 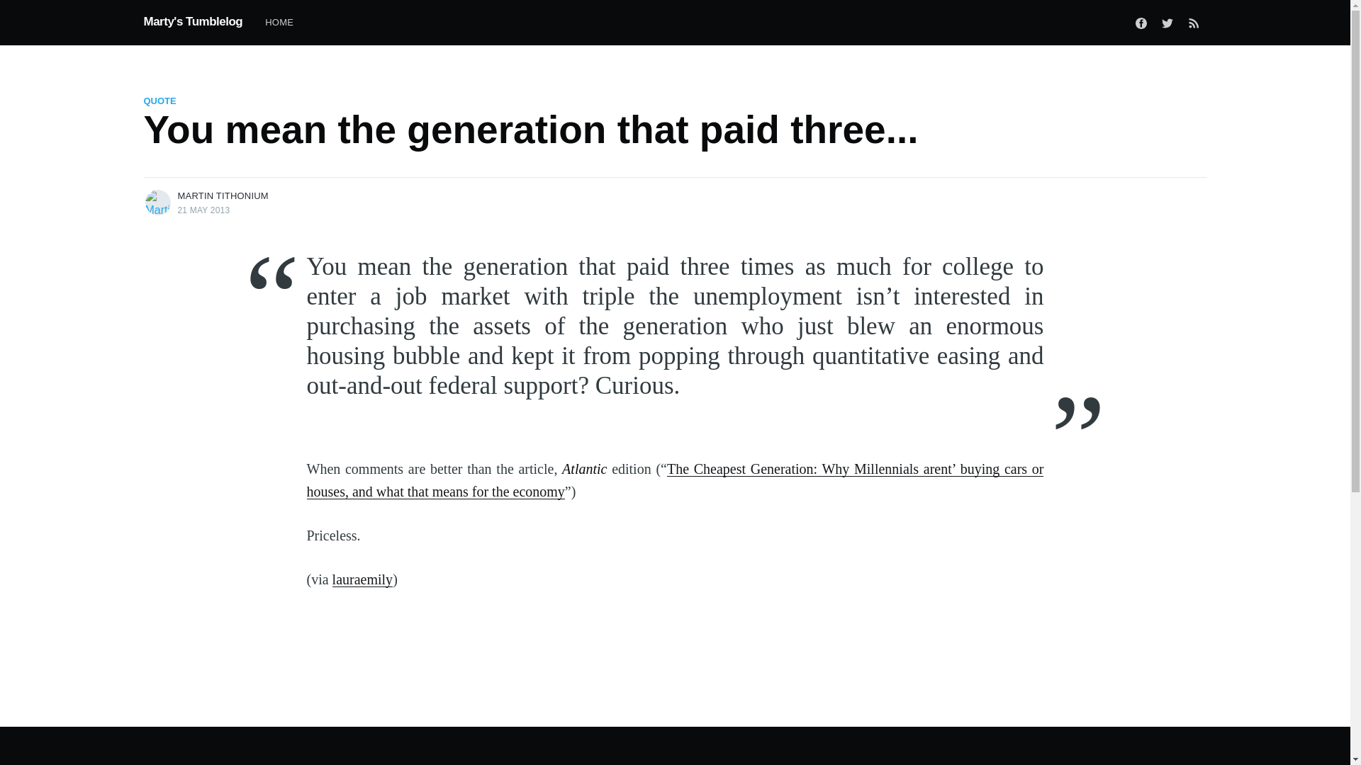 I want to click on 'Facebook', so click(x=1141, y=22).